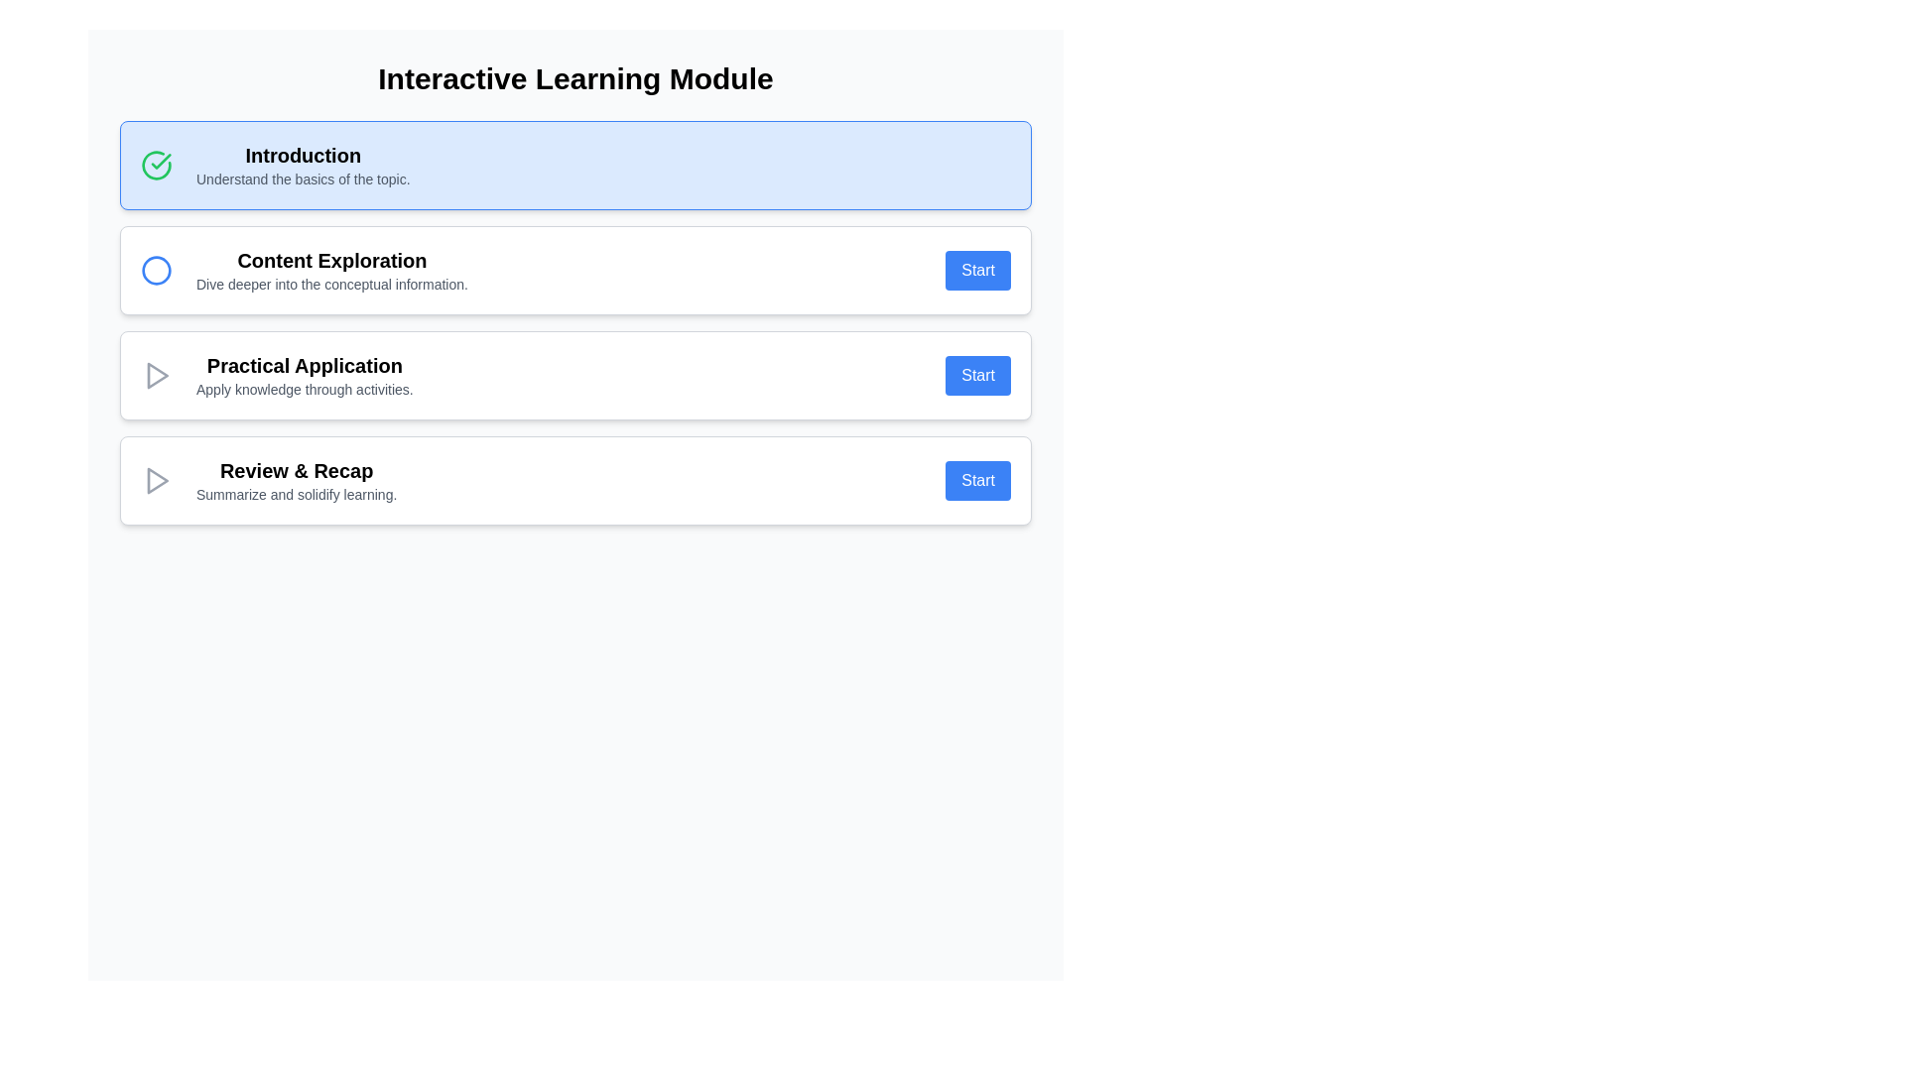  I want to click on the Informational Panel, which serves as an entry point for an introductory section, located above elements titled 'Content Exploration', 'Practical Application', and 'Review & Recap', so click(574, 164).